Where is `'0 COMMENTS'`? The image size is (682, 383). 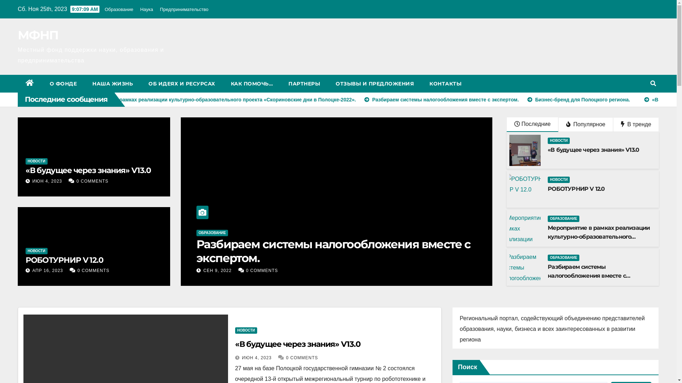 '0 COMMENTS' is located at coordinates (249, 271).